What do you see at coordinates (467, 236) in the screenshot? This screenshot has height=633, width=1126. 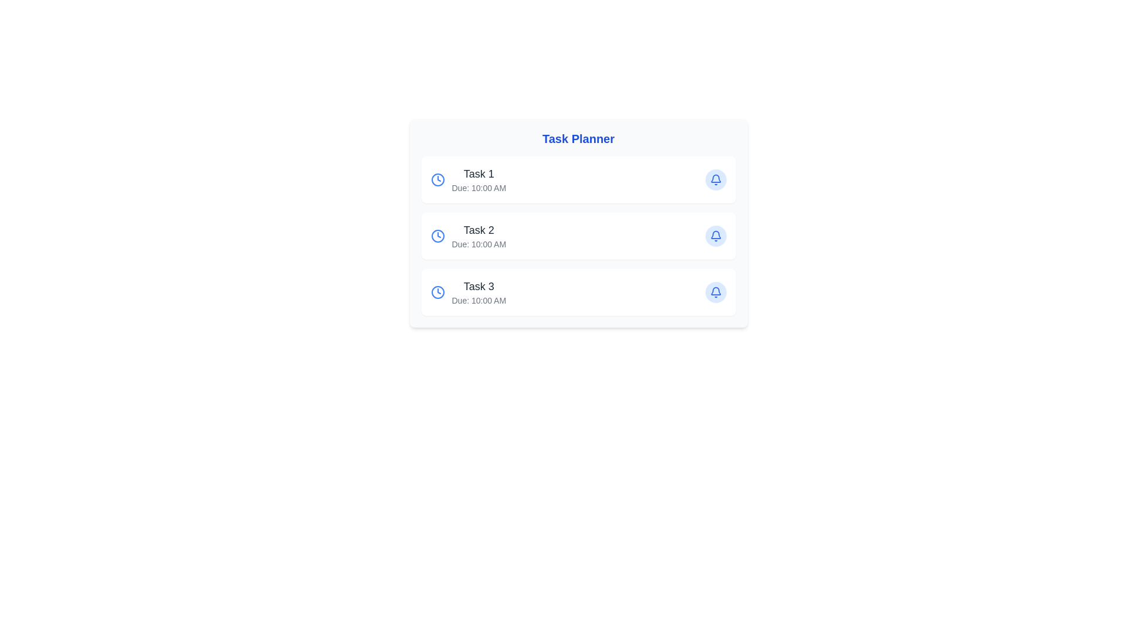 I see `the Information Display Field containing the task title 'Task 2' and the due time 'Due: 10:00 AM' for reading` at bounding box center [467, 236].